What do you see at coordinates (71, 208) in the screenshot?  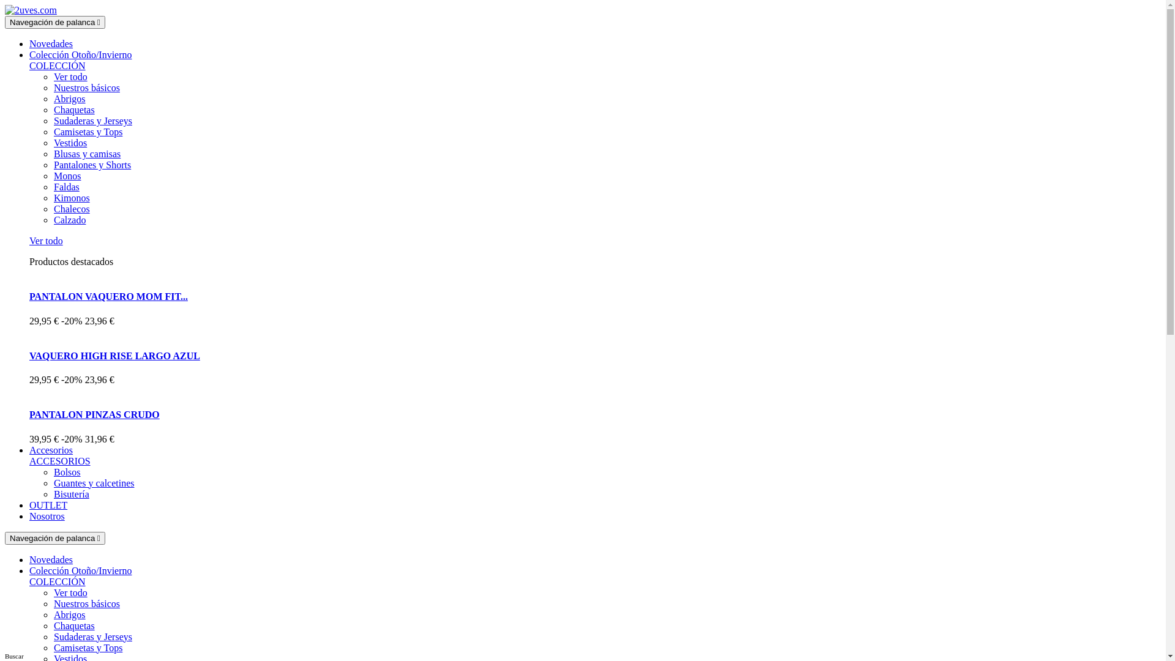 I see `'Chalecos'` at bounding box center [71, 208].